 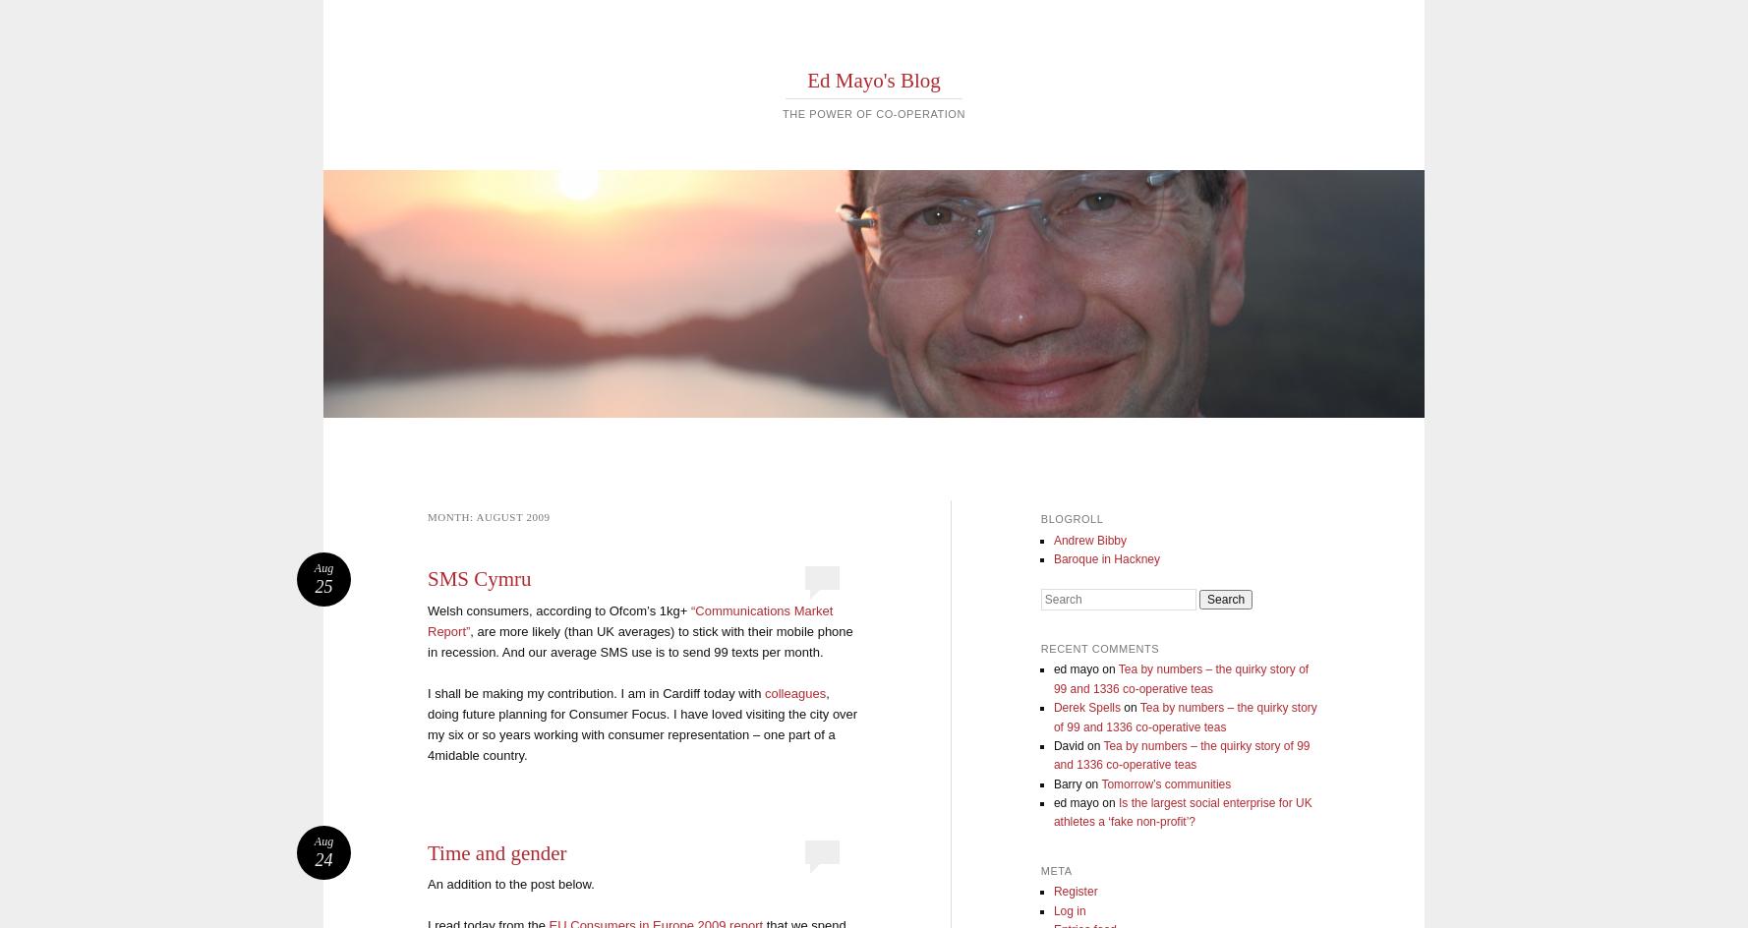 I want to click on 'Derek Spells', so click(x=1085, y=707).